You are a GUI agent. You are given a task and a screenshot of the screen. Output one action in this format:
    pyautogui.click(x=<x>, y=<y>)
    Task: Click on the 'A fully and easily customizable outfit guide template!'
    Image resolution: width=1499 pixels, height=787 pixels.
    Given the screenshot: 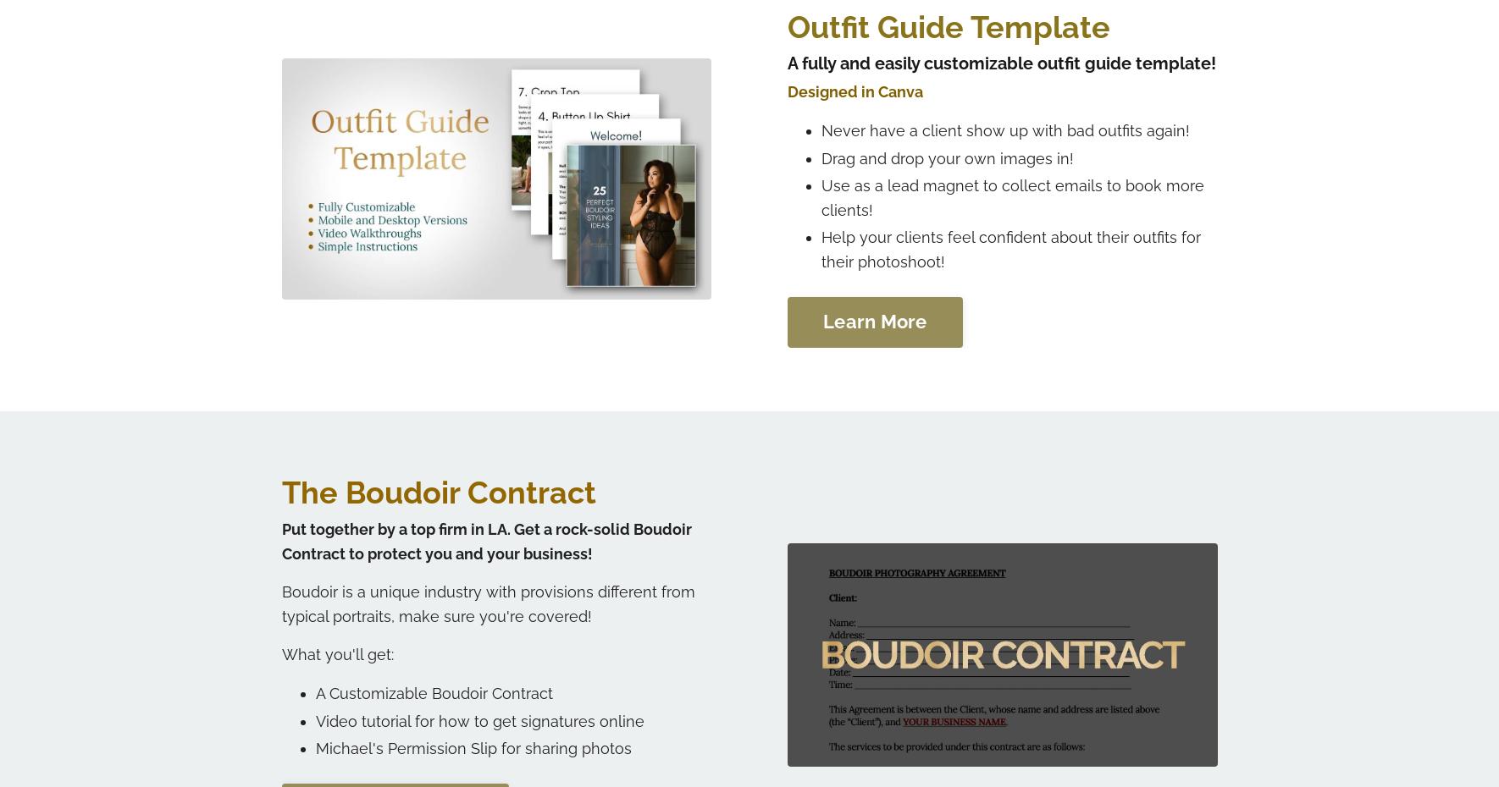 What is the action you would take?
    pyautogui.click(x=786, y=62)
    